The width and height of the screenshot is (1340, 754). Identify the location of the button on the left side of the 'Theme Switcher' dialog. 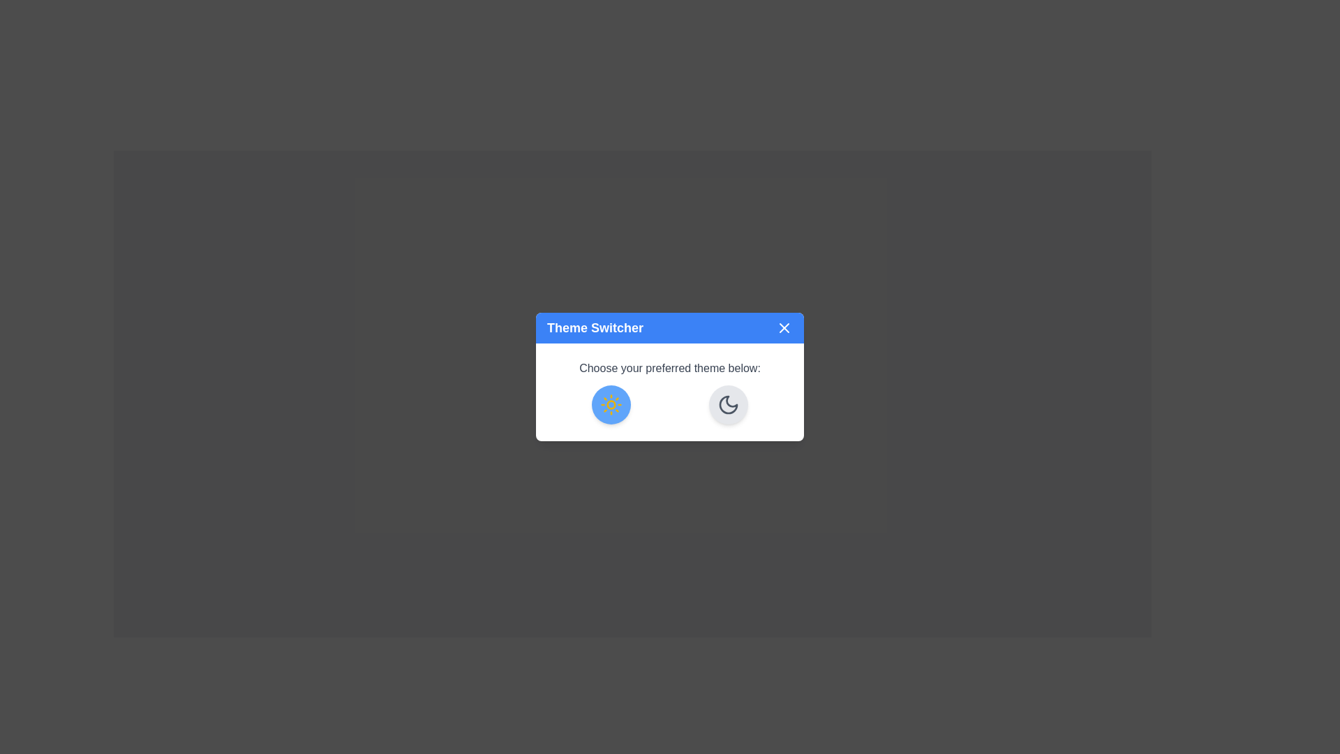
(611, 404).